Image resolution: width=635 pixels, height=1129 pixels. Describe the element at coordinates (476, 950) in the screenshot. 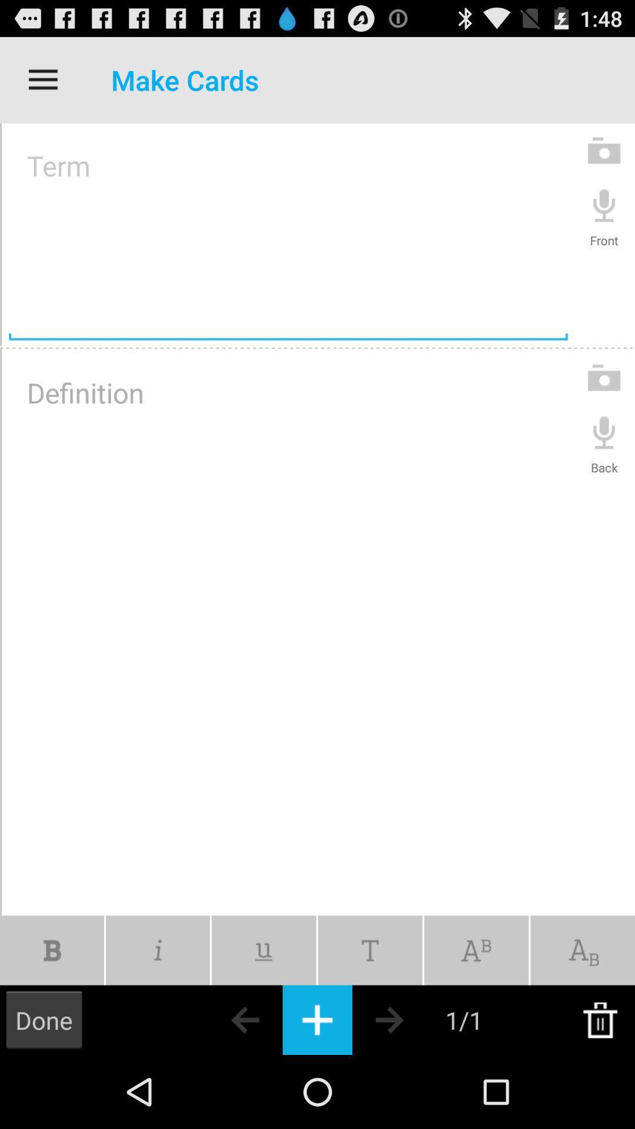

I see `letters box option` at that location.